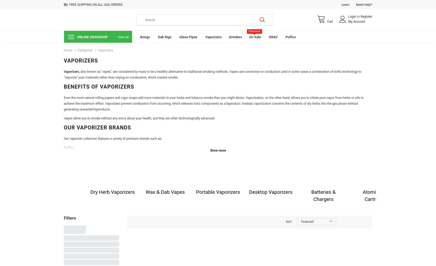 The width and height of the screenshot is (436, 266). Describe the element at coordinates (166, 221) in the screenshot. I see `'View'` at that location.